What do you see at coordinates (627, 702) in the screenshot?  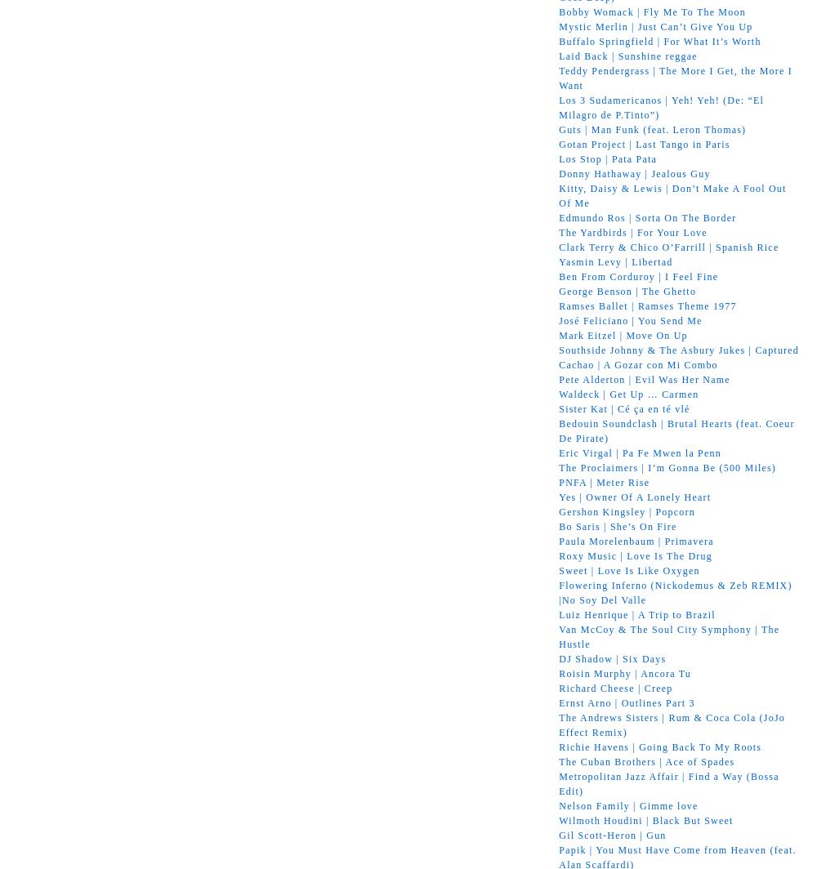 I see `'Ernst Arno | Outlines Part 3'` at bounding box center [627, 702].